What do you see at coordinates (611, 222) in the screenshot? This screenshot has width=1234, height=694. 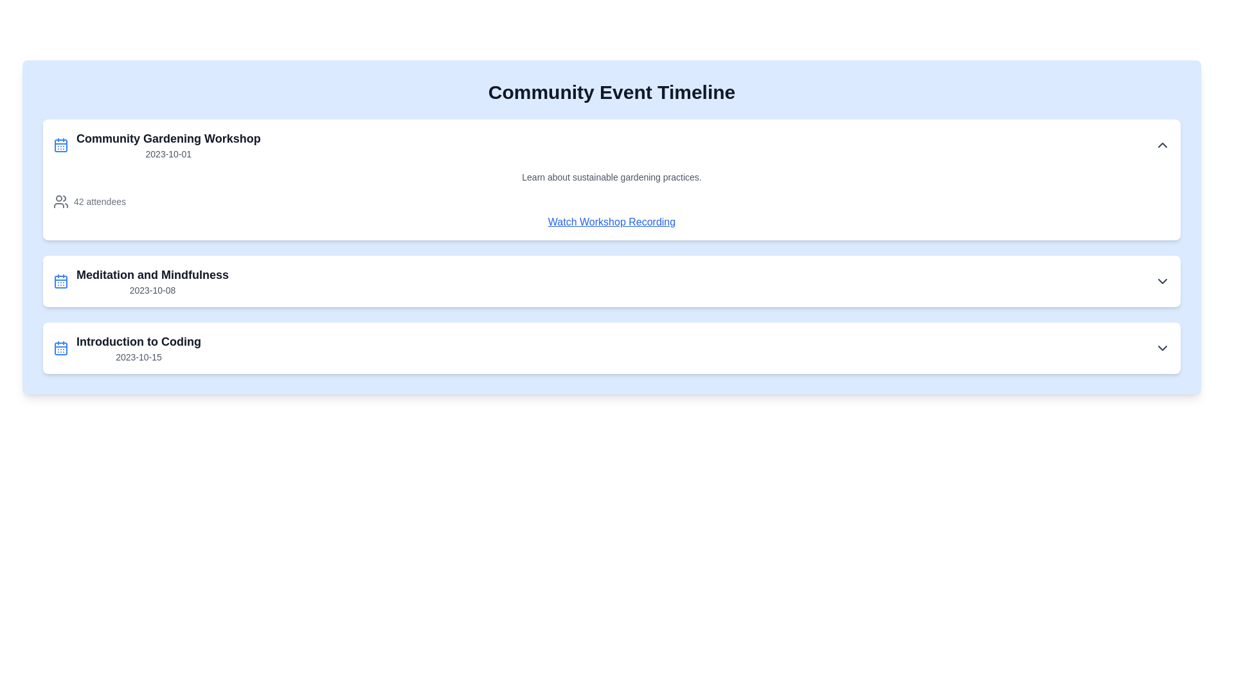 I see `the hyperlink located under the 'Community Event Timeline' heading, directly below the text 'Learn about sustainable gardening practices,'` at bounding box center [611, 222].